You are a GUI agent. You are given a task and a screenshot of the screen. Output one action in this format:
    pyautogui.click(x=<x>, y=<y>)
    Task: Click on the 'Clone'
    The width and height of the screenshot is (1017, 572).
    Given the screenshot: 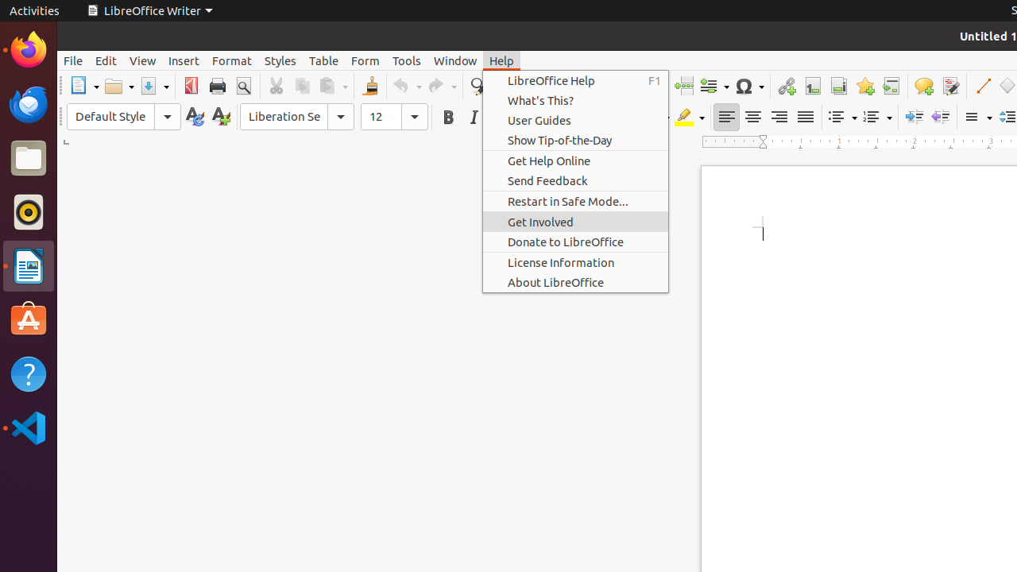 What is the action you would take?
    pyautogui.click(x=369, y=86)
    